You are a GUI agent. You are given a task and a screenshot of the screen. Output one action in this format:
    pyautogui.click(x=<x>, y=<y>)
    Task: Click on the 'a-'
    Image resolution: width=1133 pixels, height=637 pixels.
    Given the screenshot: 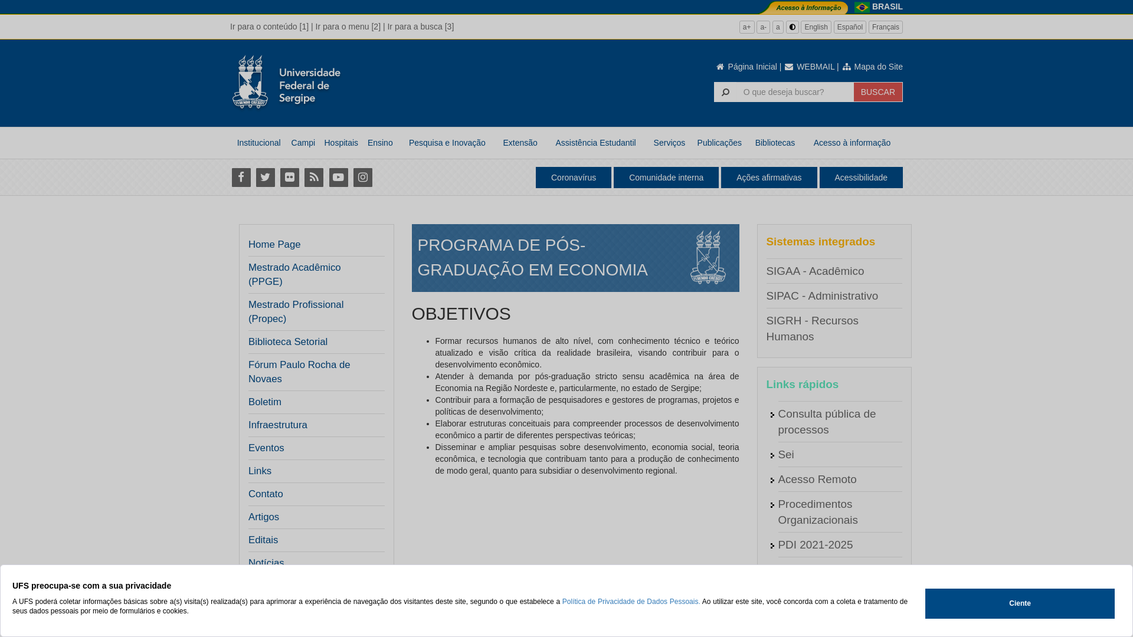 What is the action you would take?
    pyautogui.click(x=763, y=27)
    